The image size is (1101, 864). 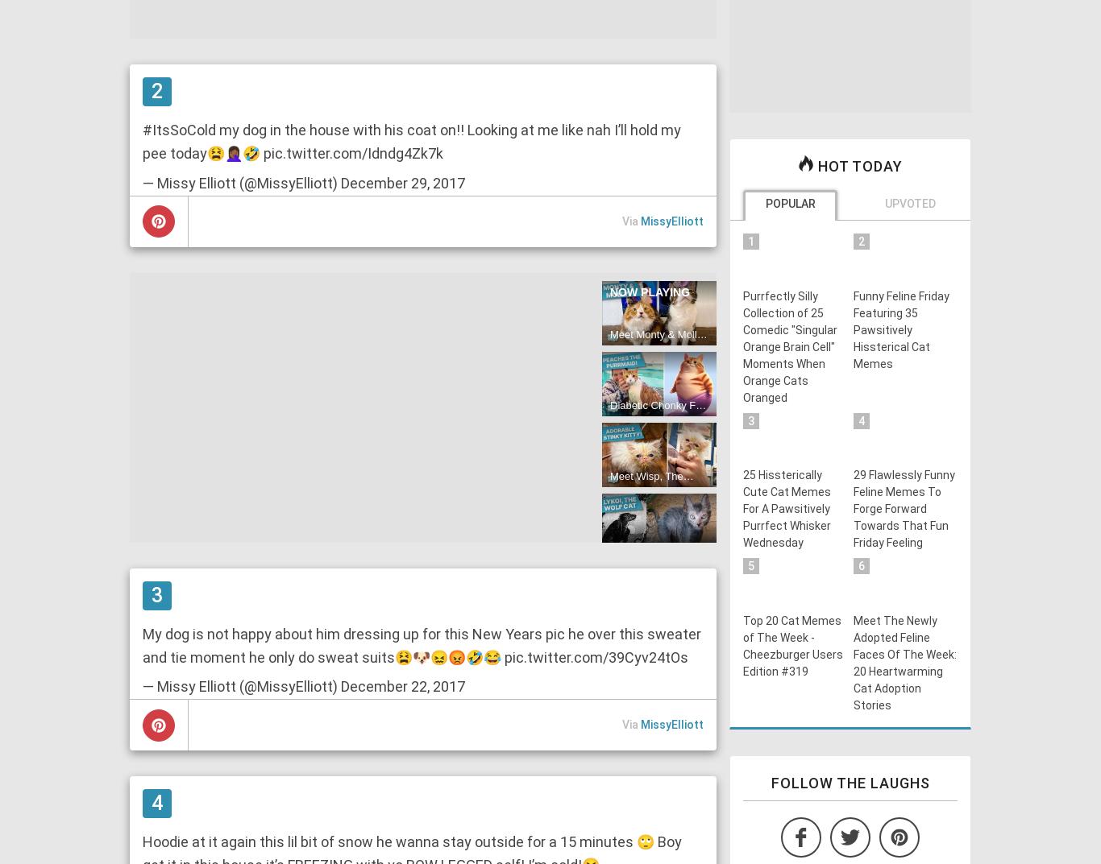 I want to click on 'Purrfectly Silly Collection of 25 Comedic "Singular Orange Brain Cell" Moments When Orange Cats Oranged', so click(x=790, y=345).